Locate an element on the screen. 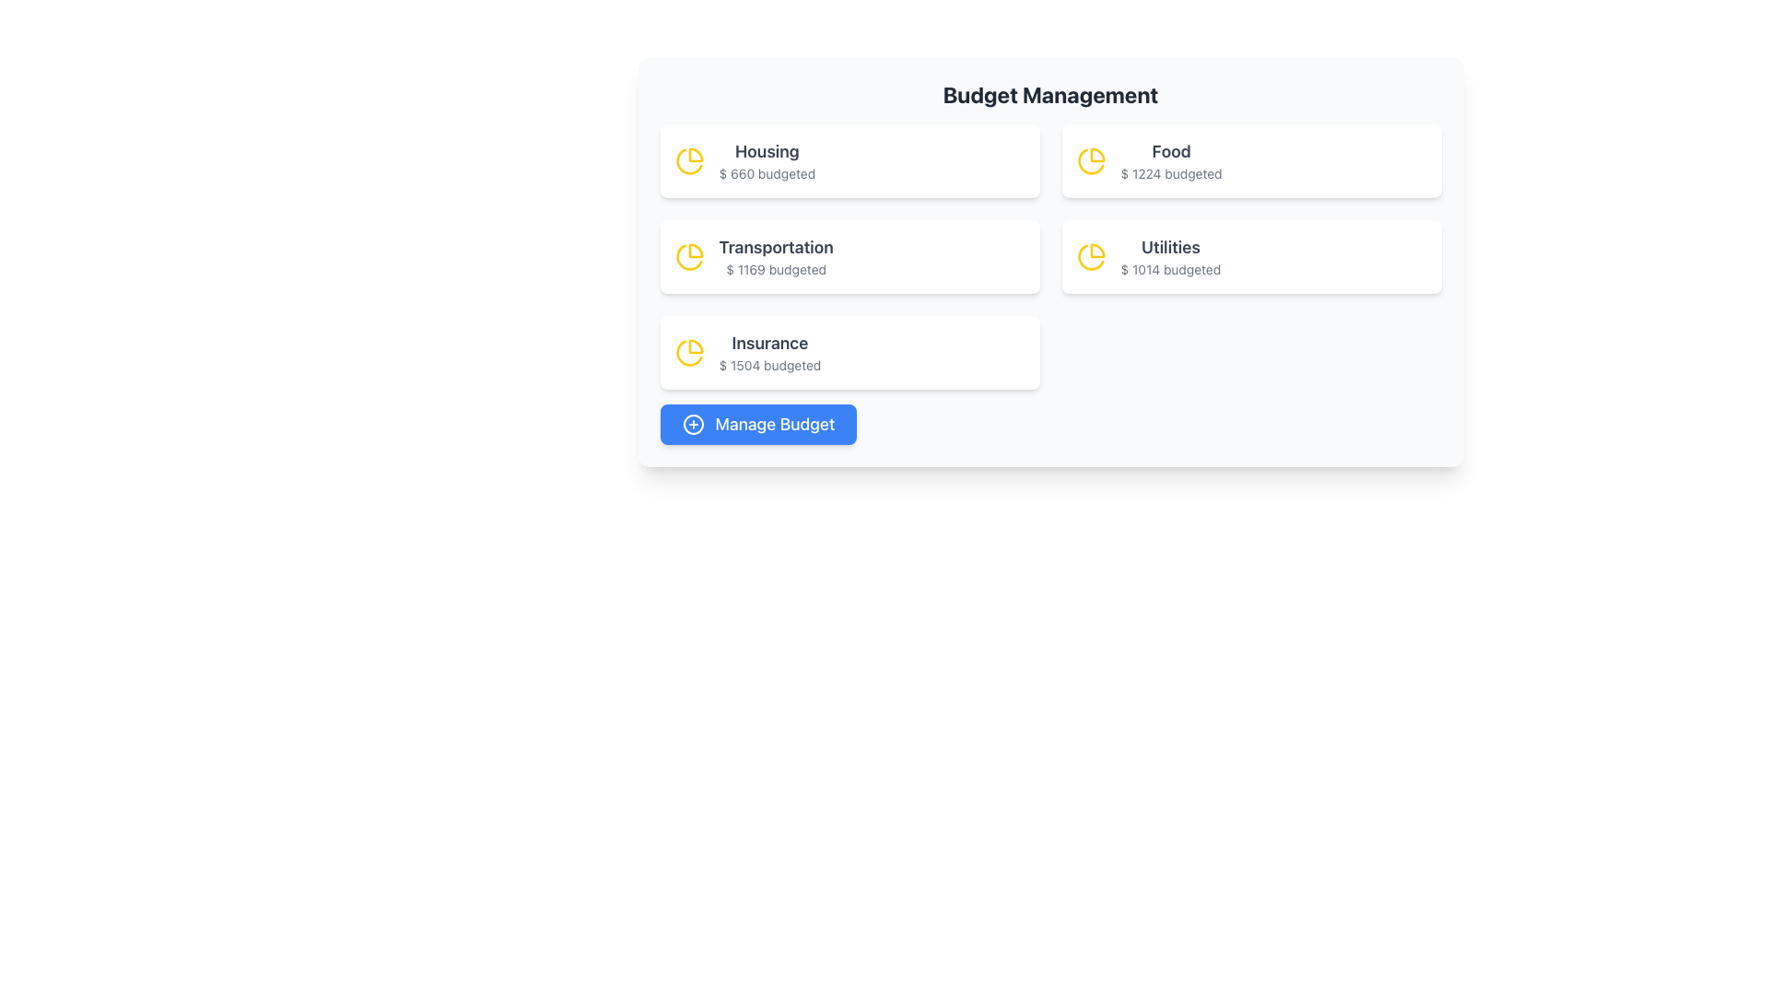 The height and width of the screenshot is (995, 1769). the Insurance budget card located is located at coordinates (849, 352).